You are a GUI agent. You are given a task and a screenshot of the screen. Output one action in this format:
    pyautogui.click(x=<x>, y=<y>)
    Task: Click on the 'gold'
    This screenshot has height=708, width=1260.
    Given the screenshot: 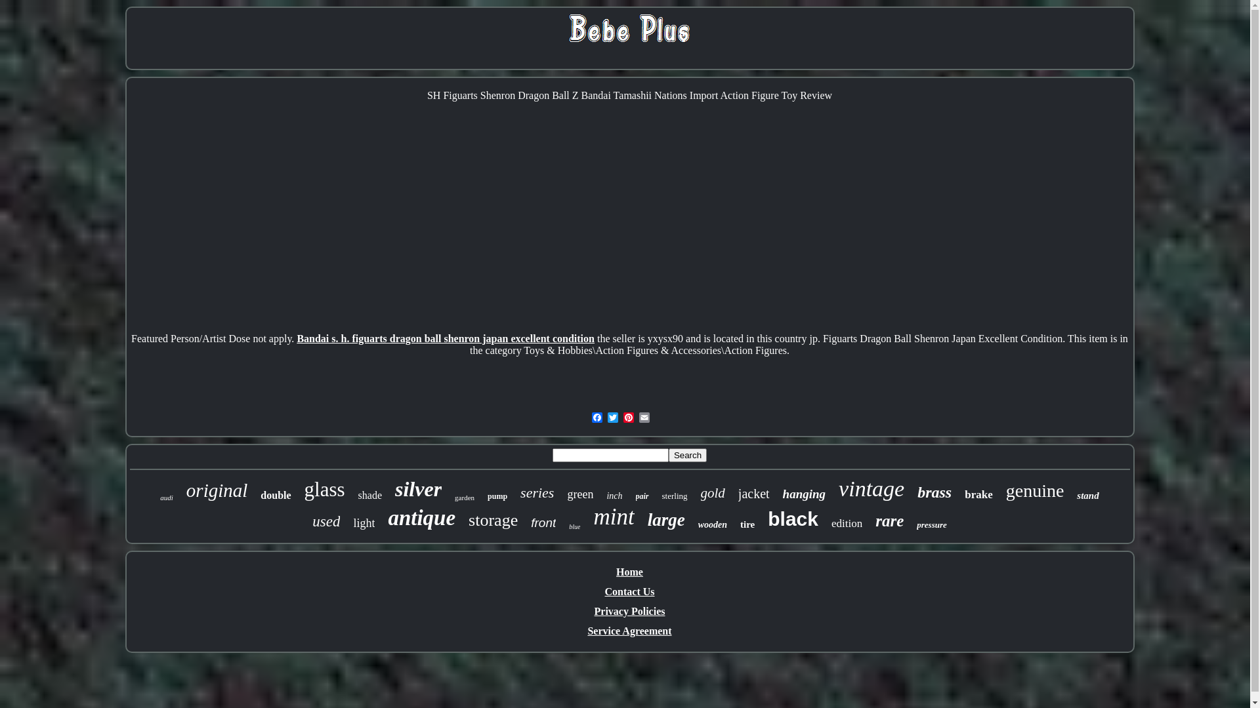 What is the action you would take?
    pyautogui.click(x=712, y=493)
    